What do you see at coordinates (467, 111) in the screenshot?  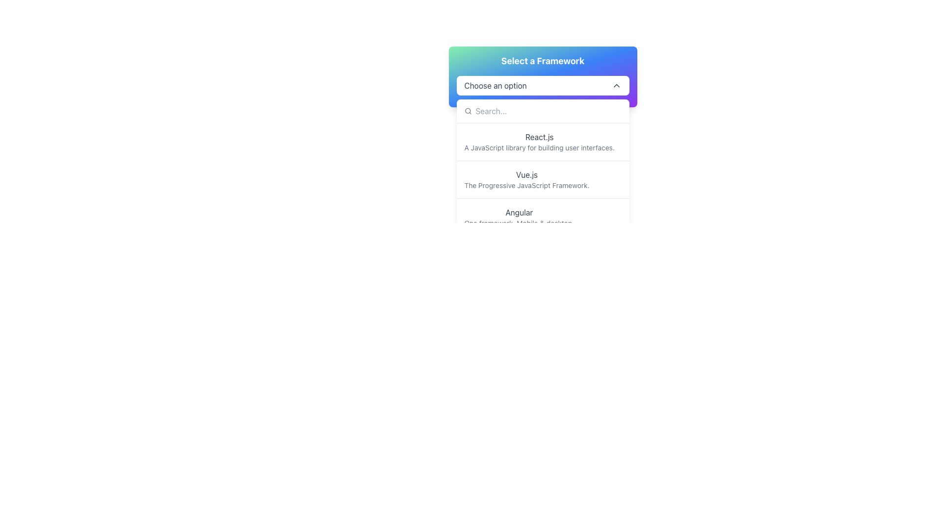 I see `the search icon, which is visually indicated to the user as a search function and is located to the left of the search input area with the placeholder text 'Search...'` at bounding box center [467, 111].